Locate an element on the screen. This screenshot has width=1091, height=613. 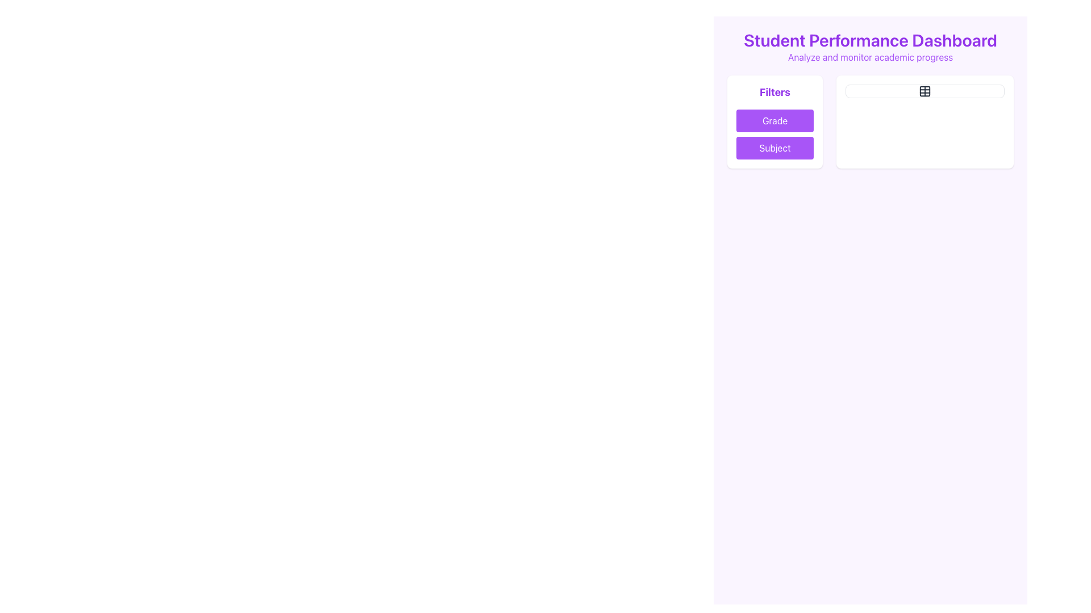
title element that serves as the heading for the 'Student Performance Dashboard', located at the top center of the interface is located at coordinates (869, 39).